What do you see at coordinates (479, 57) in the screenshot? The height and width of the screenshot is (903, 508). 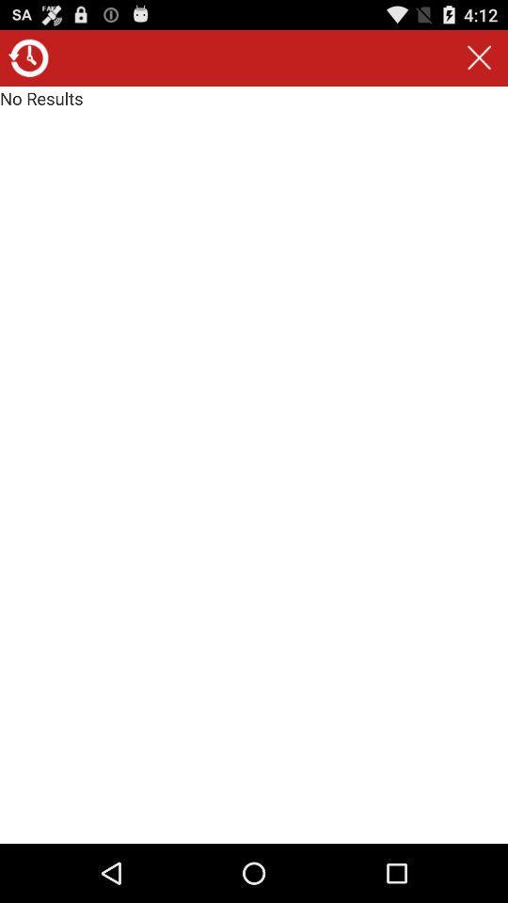 I see `page` at bounding box center [479, 57].